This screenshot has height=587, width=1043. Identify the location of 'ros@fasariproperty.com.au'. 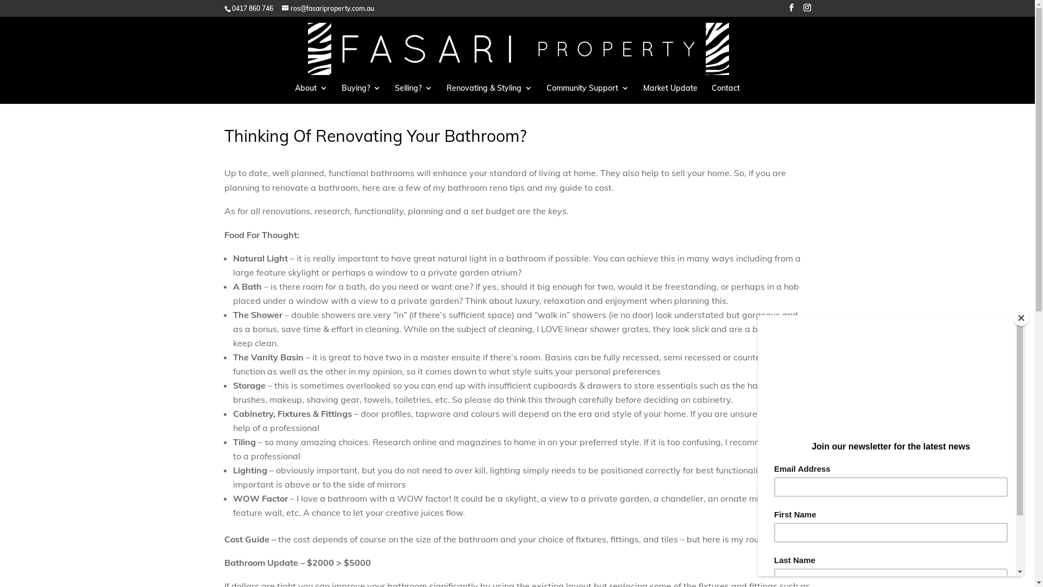
(327, 8).